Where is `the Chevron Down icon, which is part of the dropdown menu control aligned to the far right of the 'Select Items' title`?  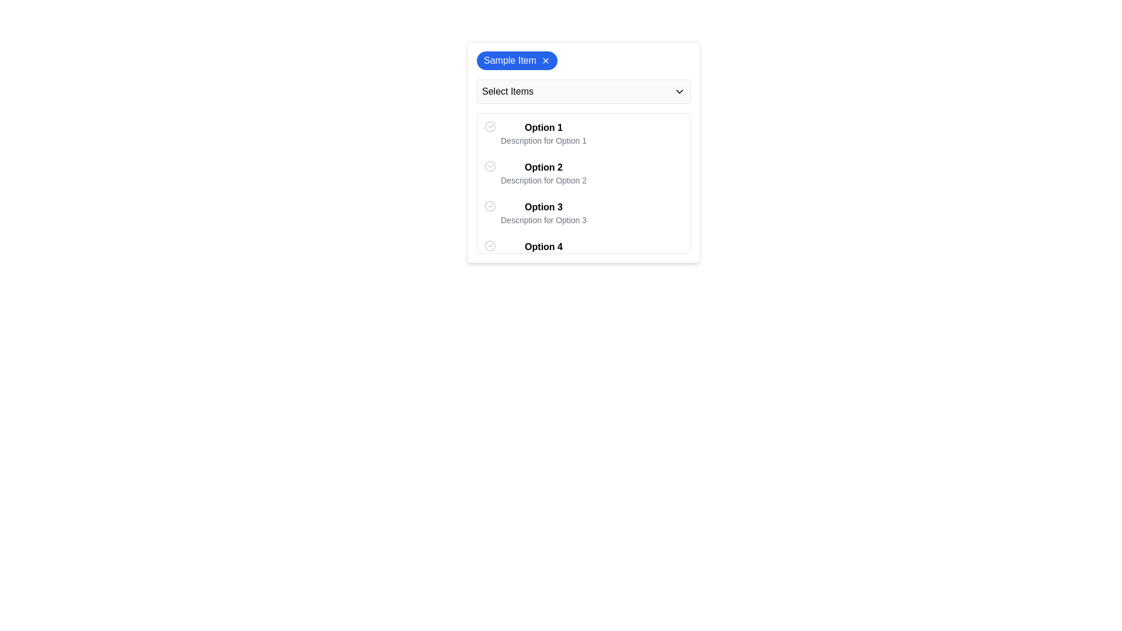
the Chevron Down icon, which is part of the dropdown menu control aligned to the far right of the 'Select Items' title is located at coordinates (679, 91).